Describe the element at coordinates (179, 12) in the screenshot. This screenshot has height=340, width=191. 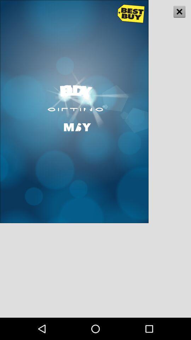
I see `the close icon` at that location.